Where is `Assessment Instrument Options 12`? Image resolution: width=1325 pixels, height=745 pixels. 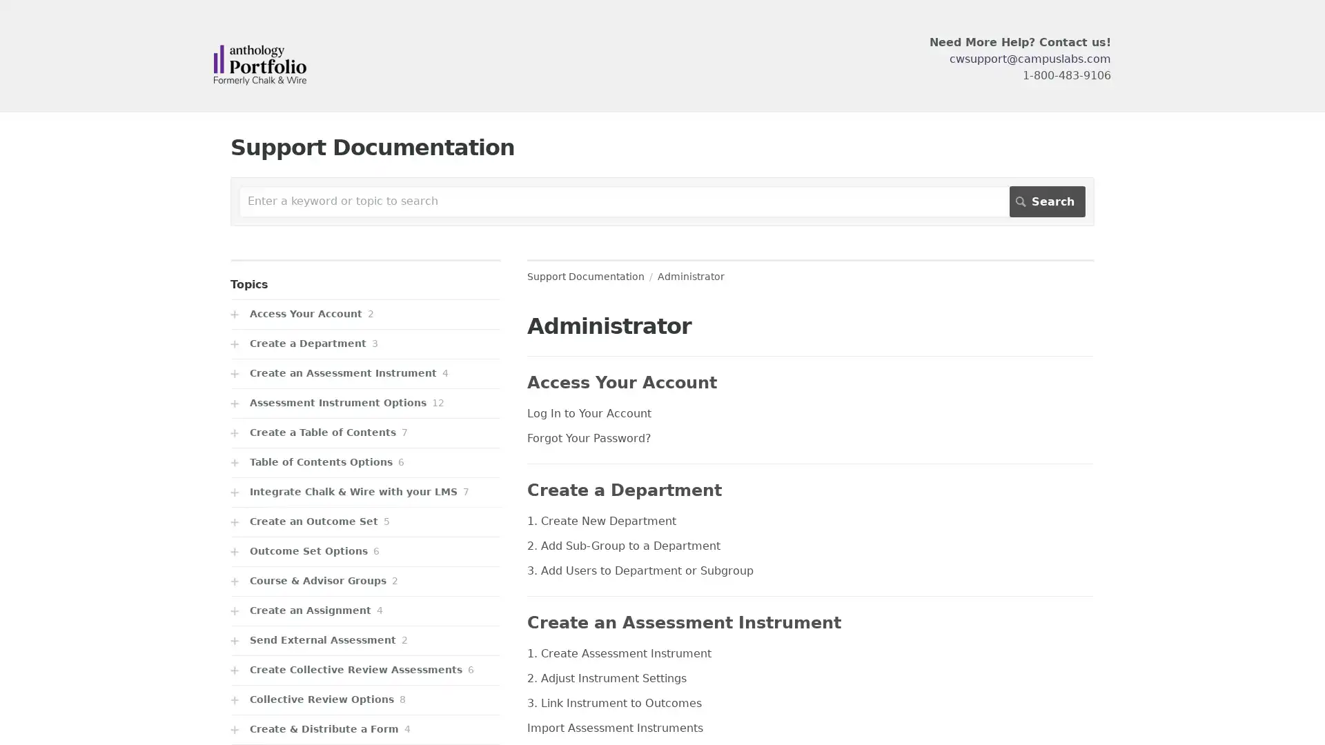
Assessment Instrument Options 12 is located at coordinates (365, 403).